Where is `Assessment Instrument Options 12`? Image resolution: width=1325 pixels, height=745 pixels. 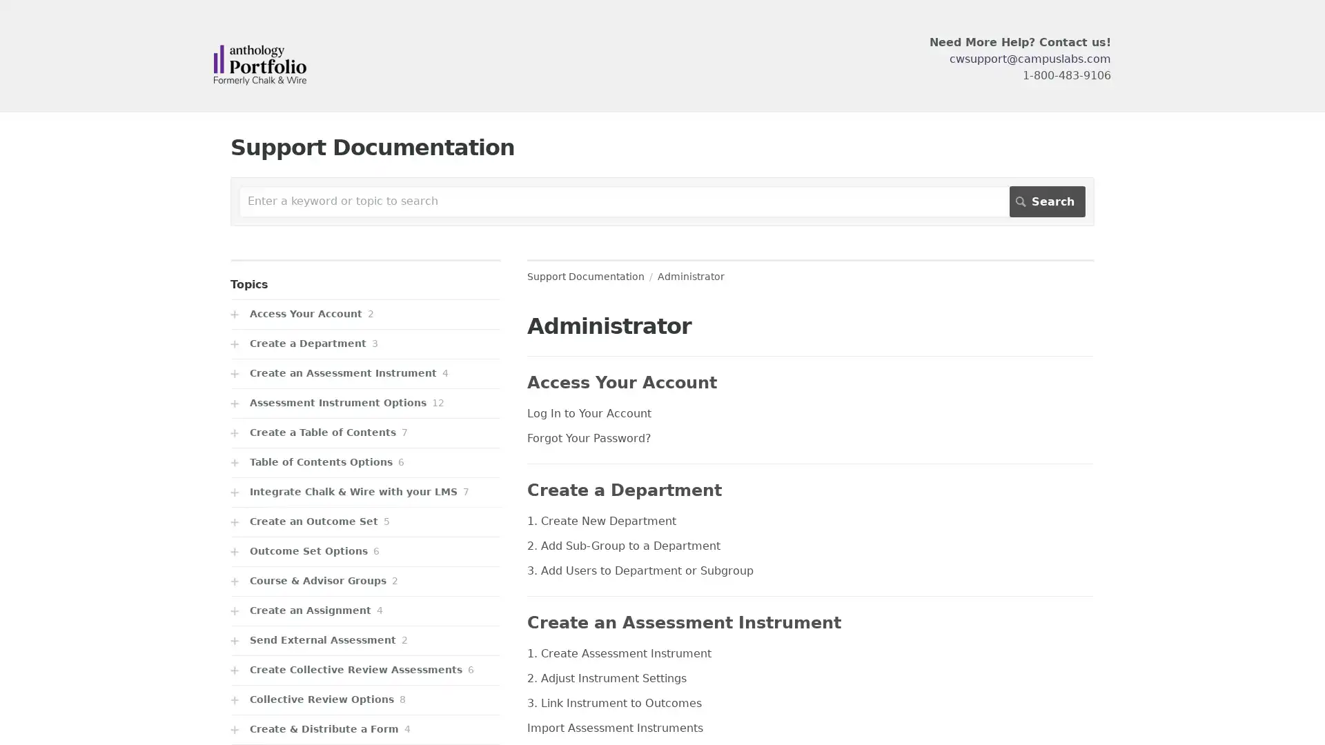
Assessment Instrument Options 12 is located at coordinates (365, 403).